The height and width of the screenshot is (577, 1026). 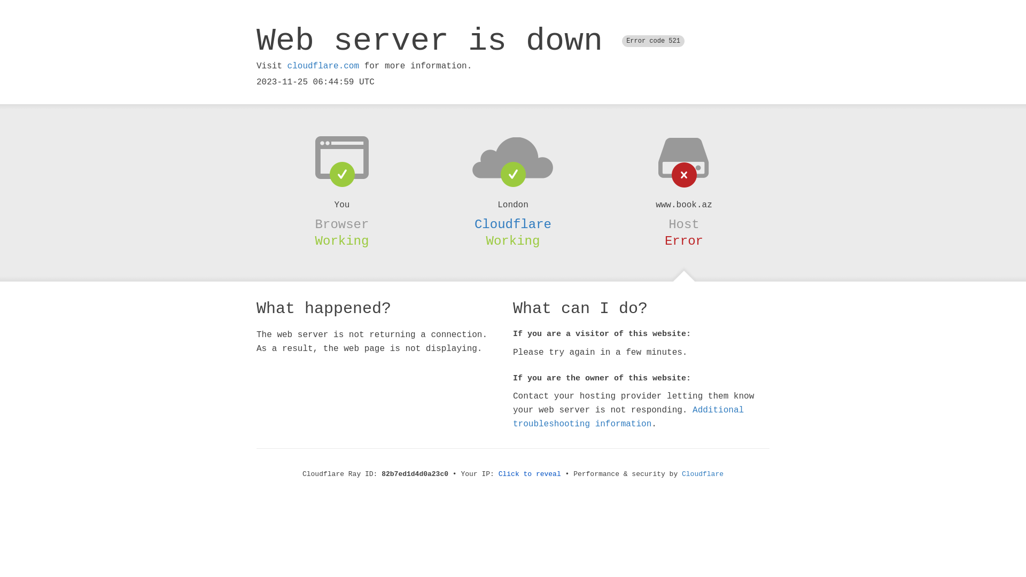 I want to click on 'Click to reveal', so click(x=530, y=473).